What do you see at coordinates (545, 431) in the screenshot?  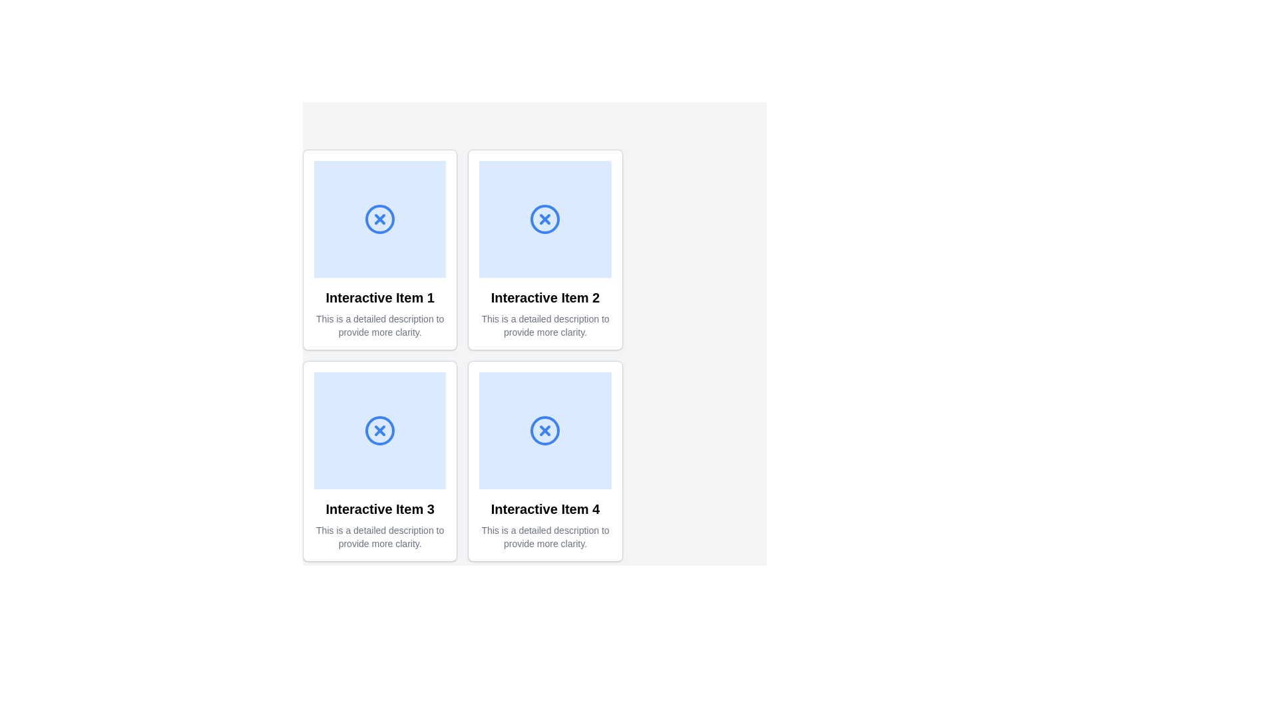 I see `the small cross ('X') icon within the circular blue button located in the bottom-right card of the 2x2 grid labeled 'Interactive Item 4'` at bounding box center [545, 431].